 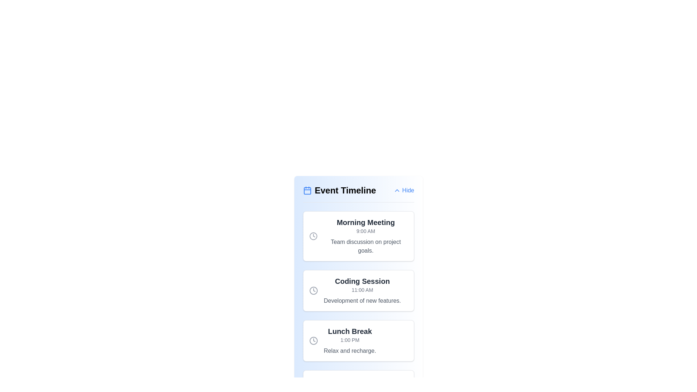 I want to click on the collapse button located in the upper-right corner of the 'Event Timeline' section, so click(x=403, y=190).